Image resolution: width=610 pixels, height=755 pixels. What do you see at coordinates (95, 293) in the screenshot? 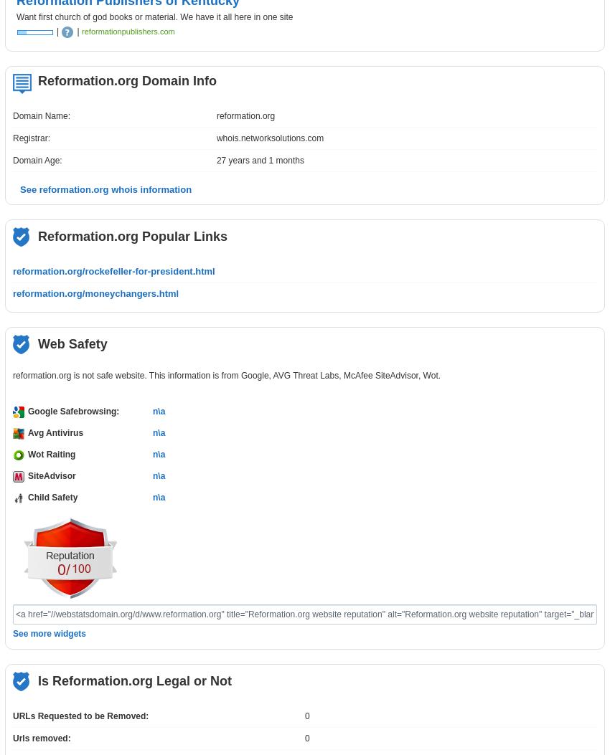
I see `'reformation.org/moneychangers.html'` at bounding box center [95, 293].